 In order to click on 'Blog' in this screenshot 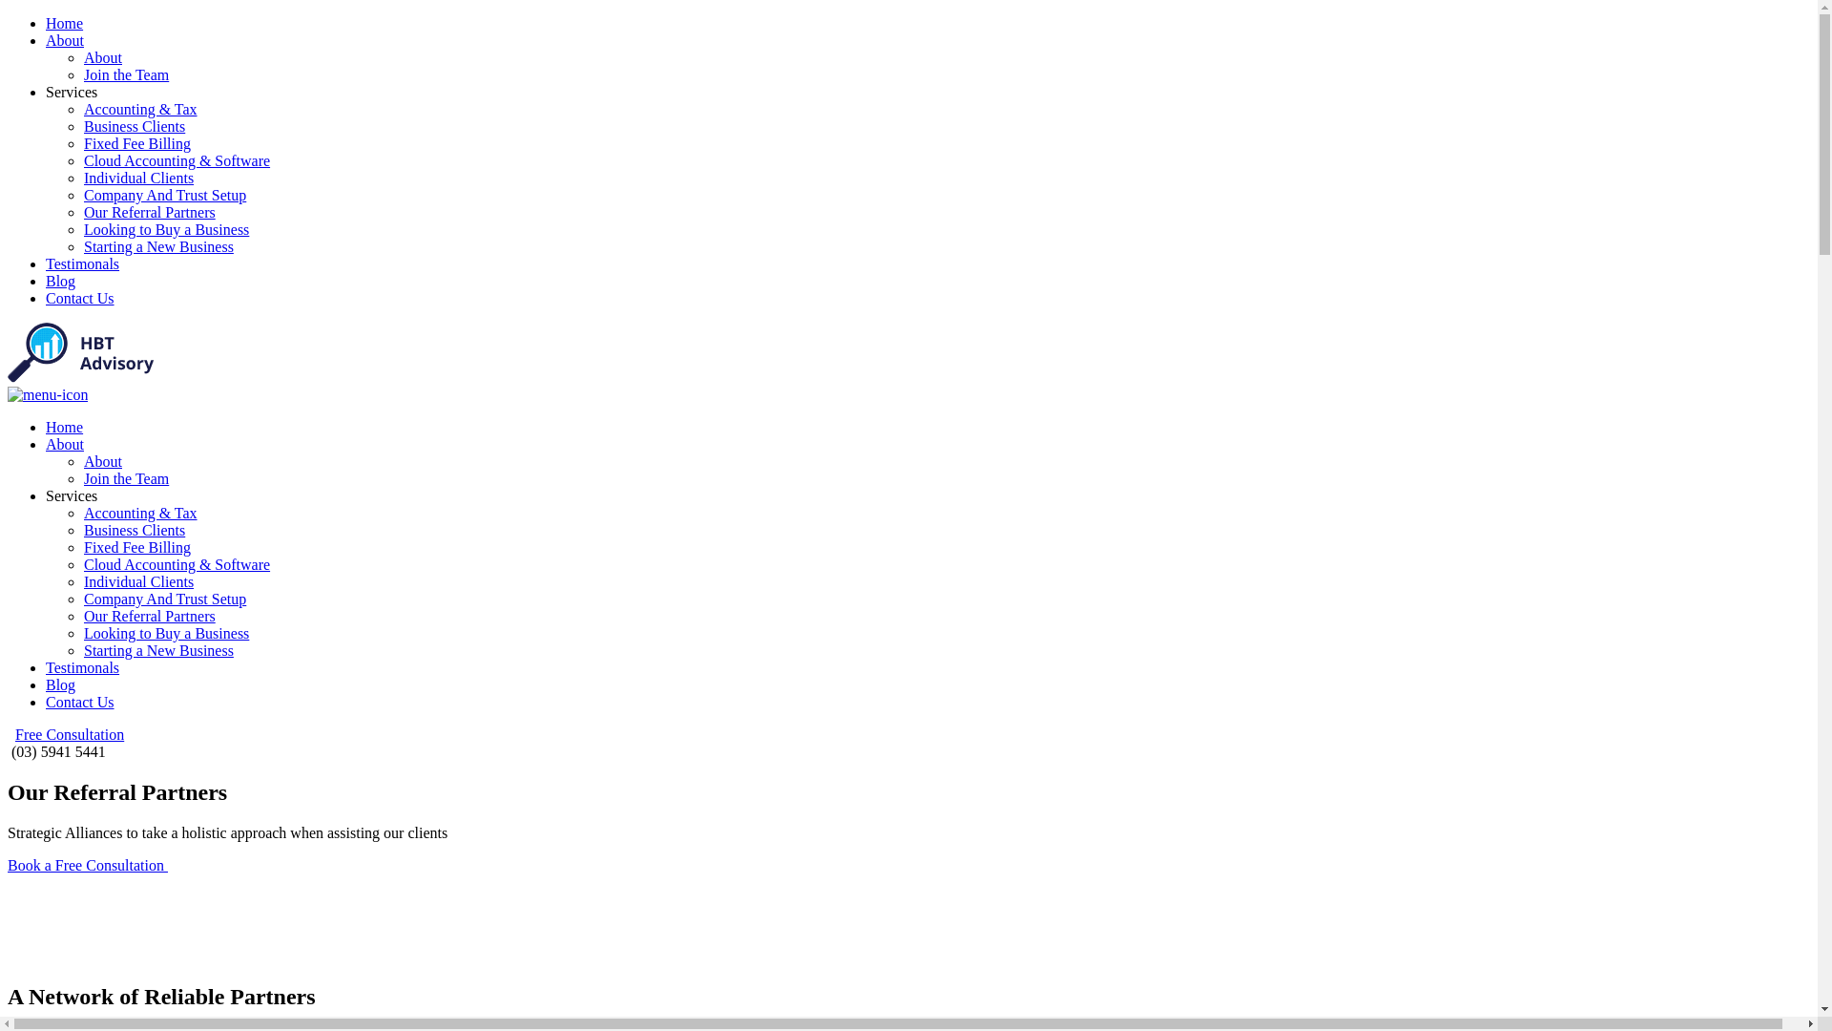, I will do `click(60, 684)`.